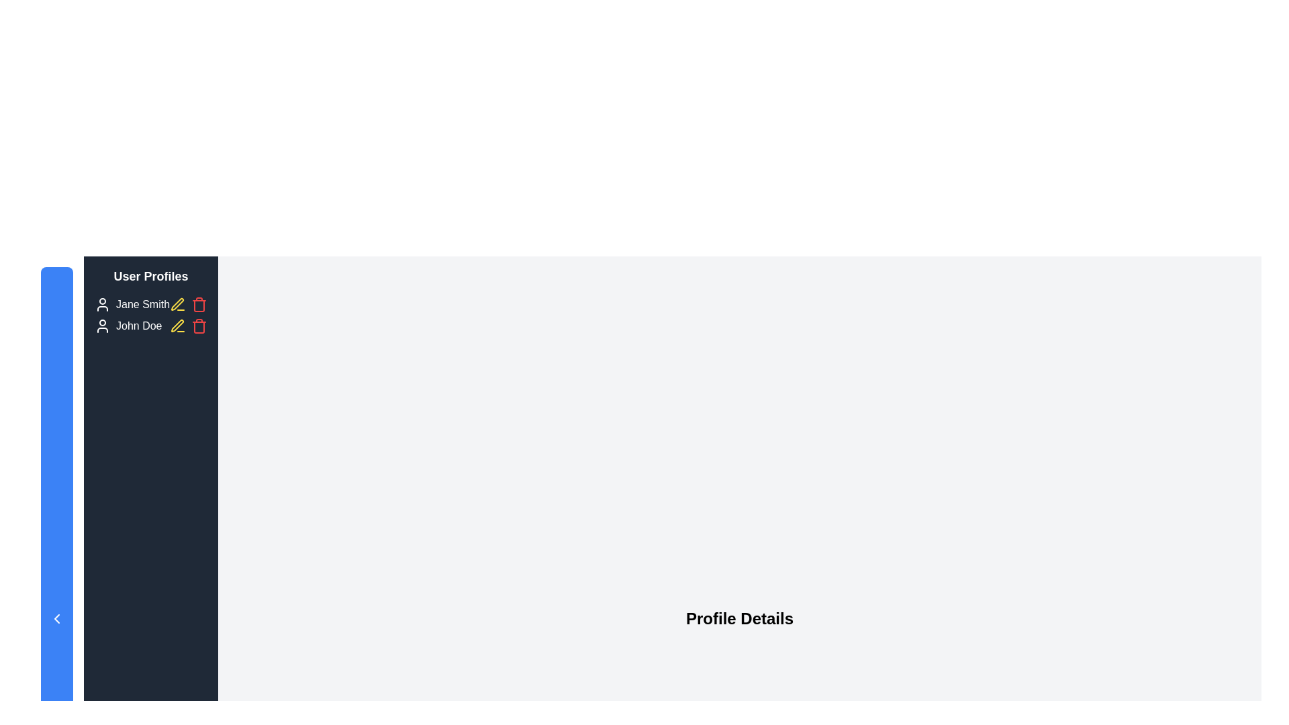 Image resolution: width=1289 pixels, height=725 pixels. Describe the element at coordinates (56, 618) in the screenshot. I see `the icon button located at the bottom of the left sidebar` at that location.